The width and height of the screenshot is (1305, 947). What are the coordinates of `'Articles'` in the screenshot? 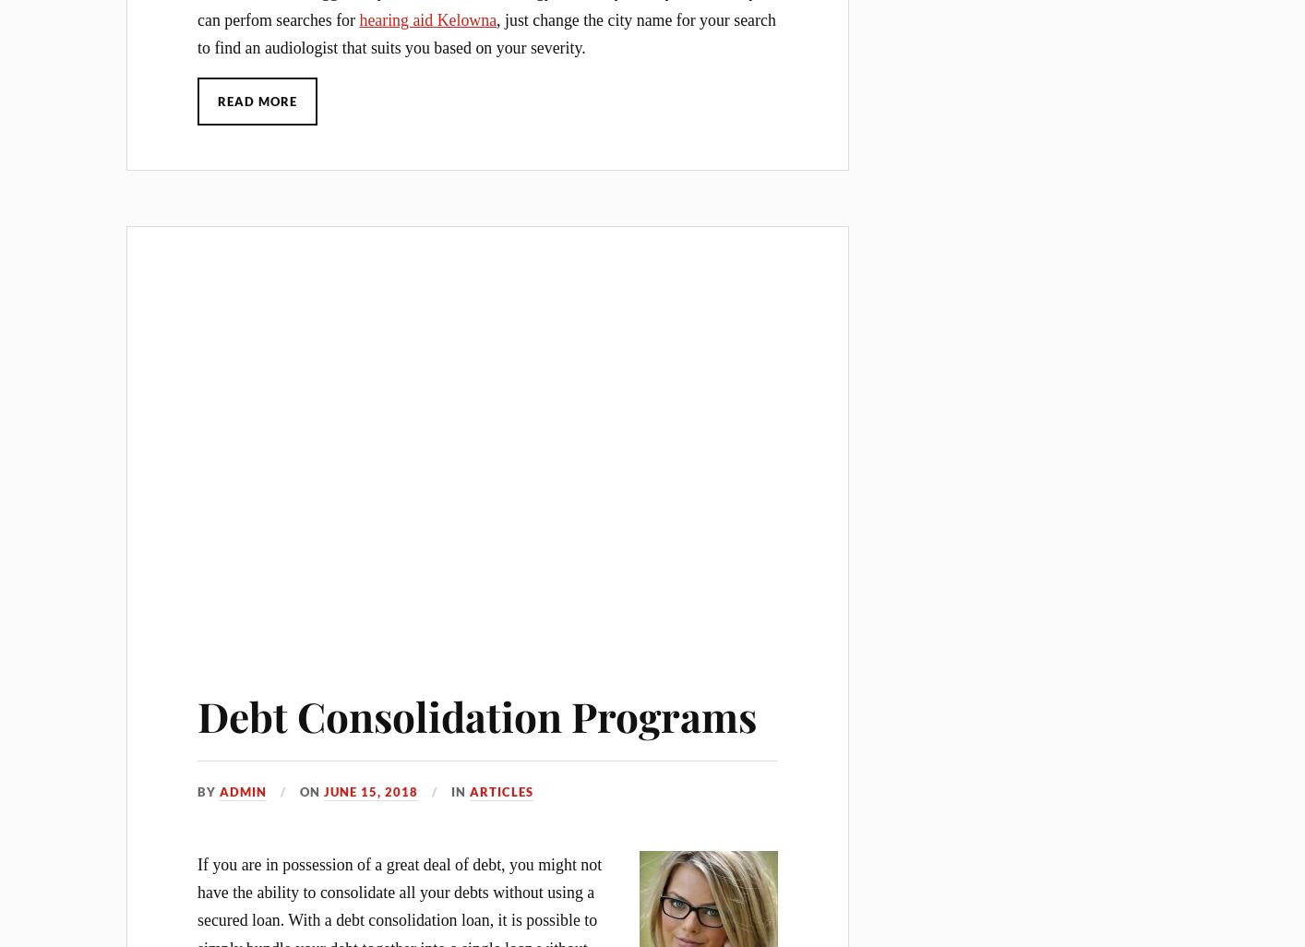 It's located at (500, 792).